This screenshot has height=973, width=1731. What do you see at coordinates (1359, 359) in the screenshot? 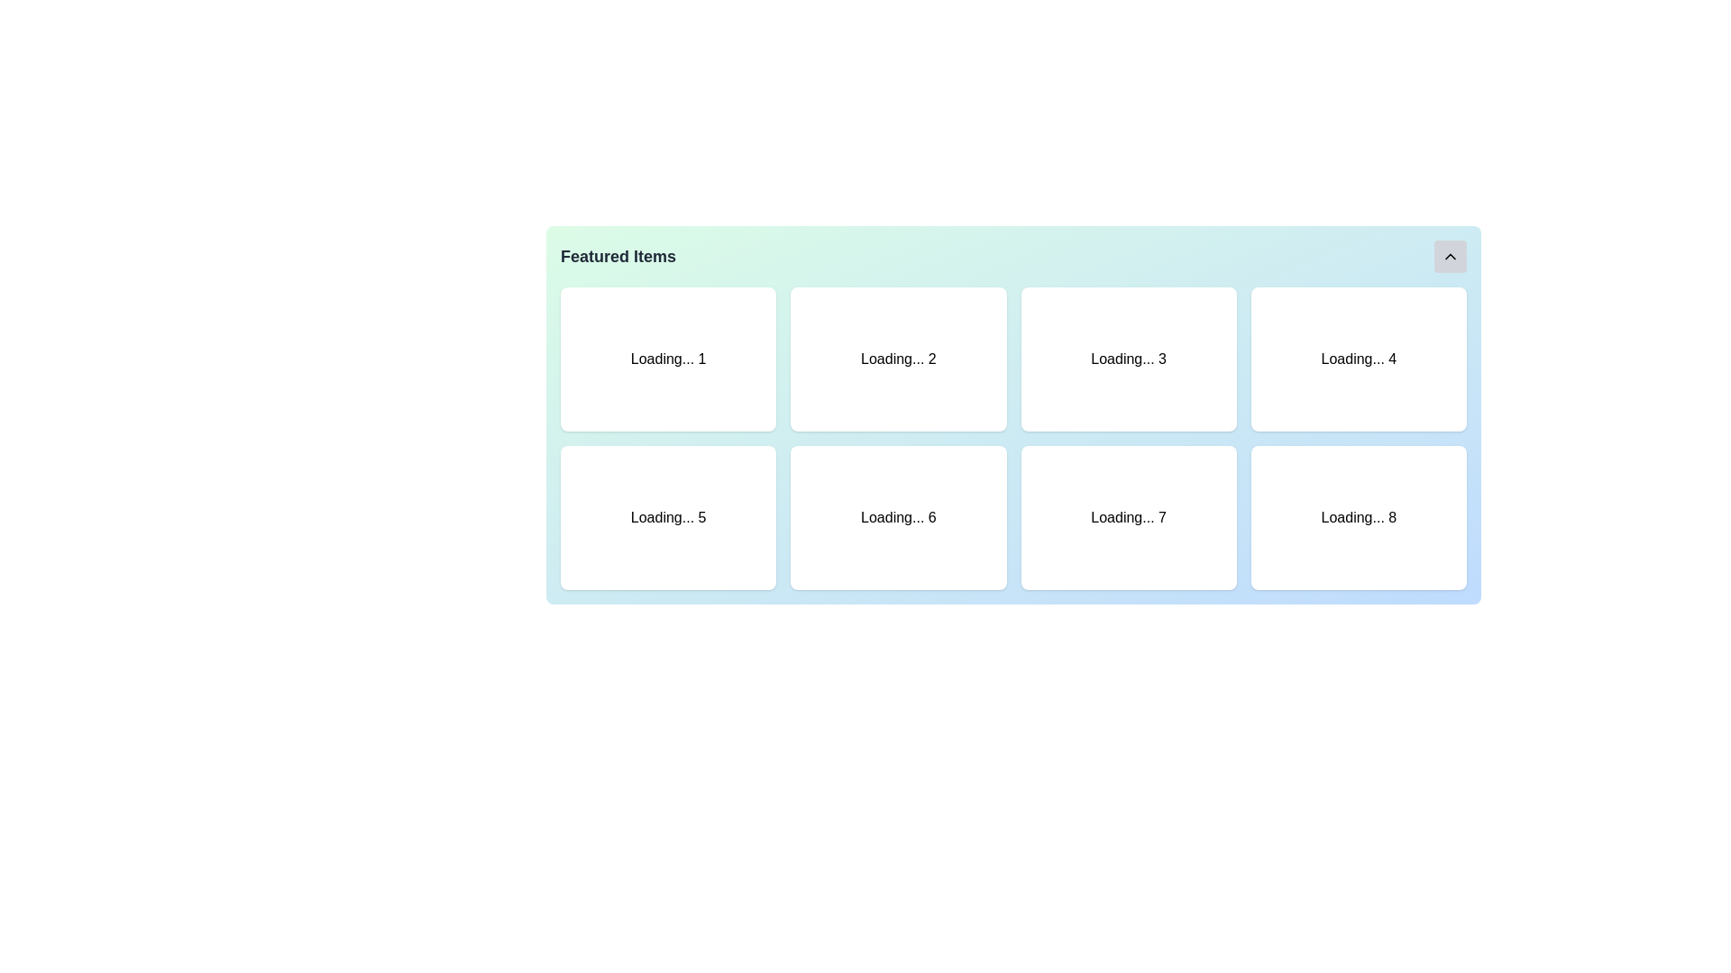
I see `the informational card that serves as a content placeholder, located in the top row of the grid layout, immediately to the right of the card containing 'Loading... 3'` at bounding box center [1359, 359].